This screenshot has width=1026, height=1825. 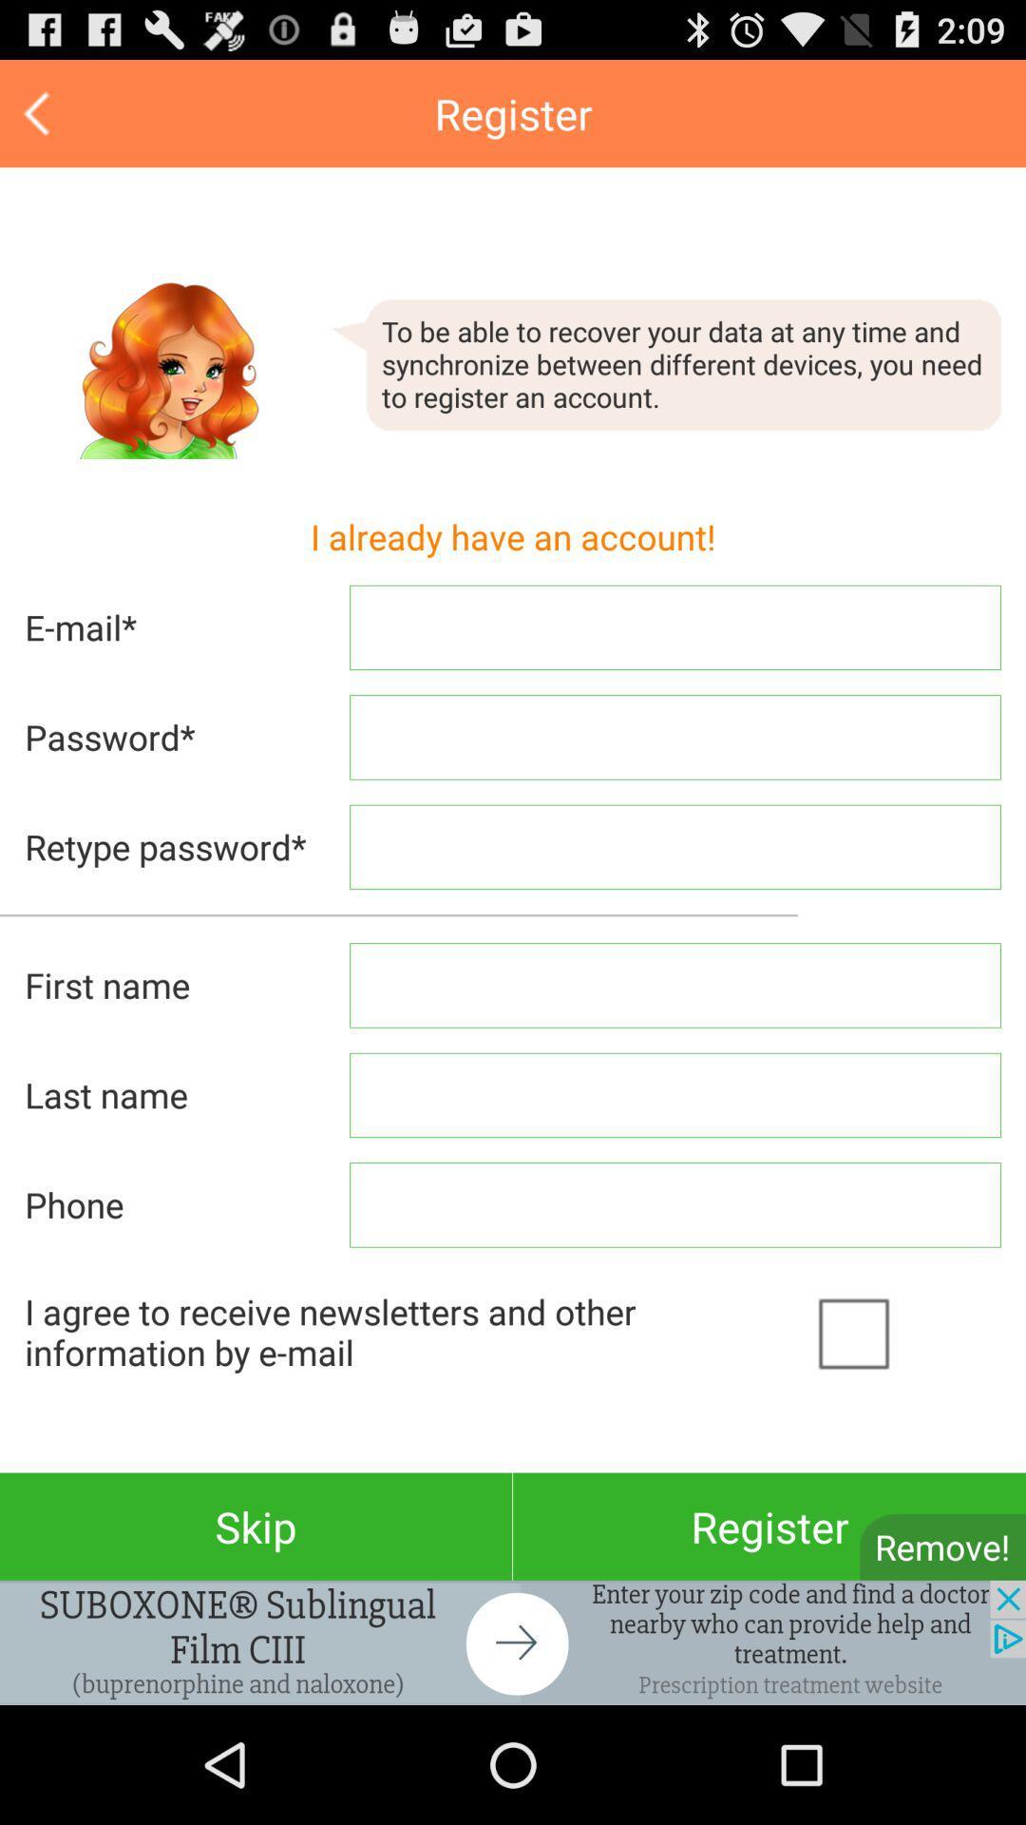 What do you see at coordinates (39, 121) in the screenshot?
I see `the arrow_backward icon` at bounding box center [39, 121].